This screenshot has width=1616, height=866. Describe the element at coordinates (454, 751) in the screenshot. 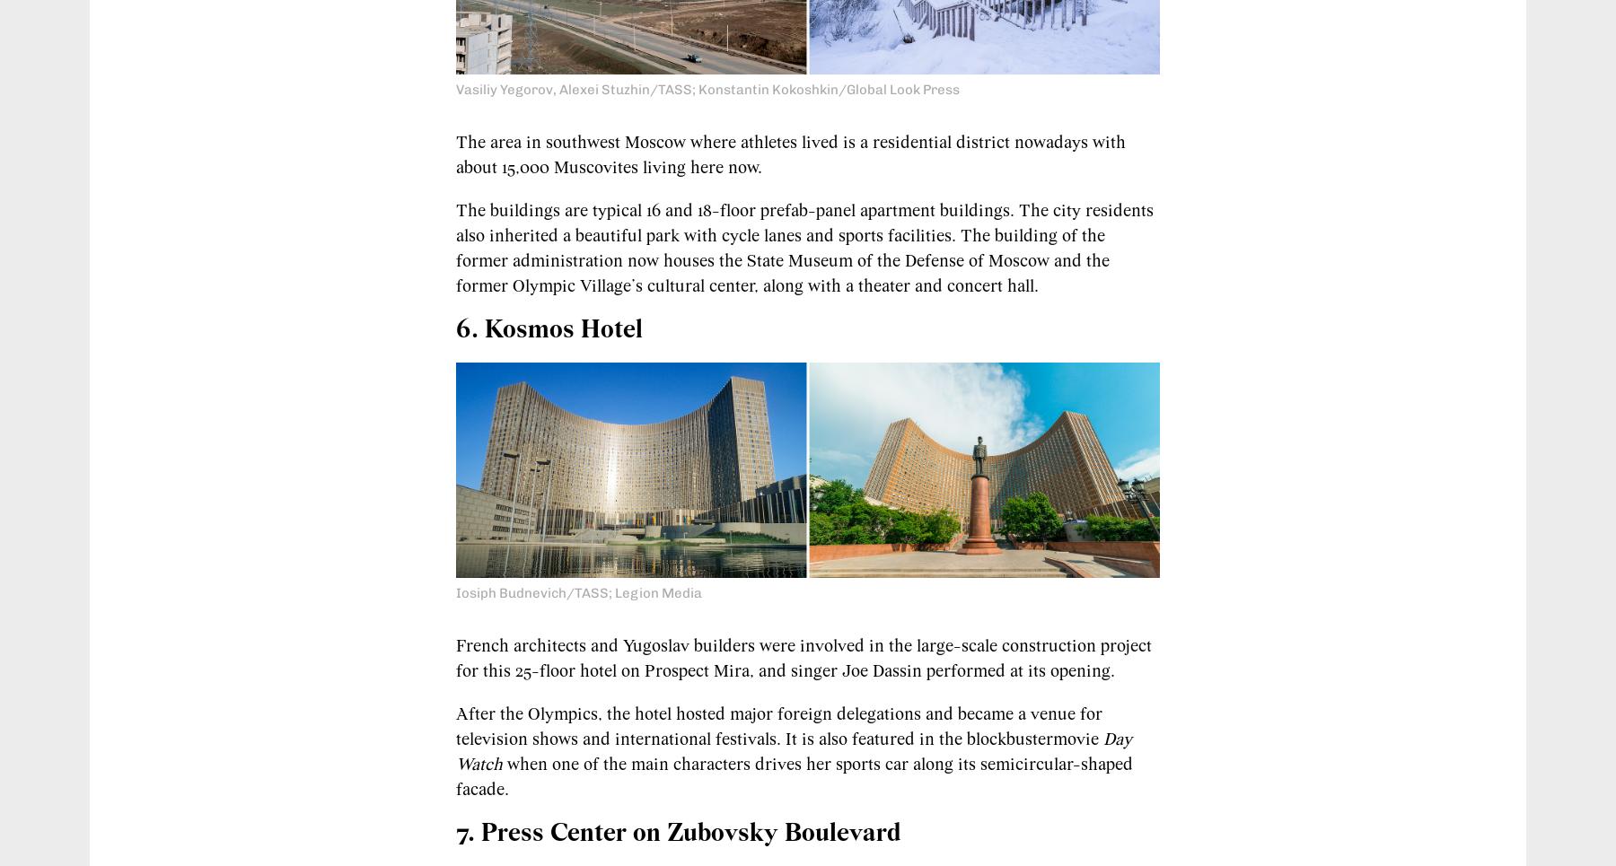

I see `'Day Watch'` at that location.